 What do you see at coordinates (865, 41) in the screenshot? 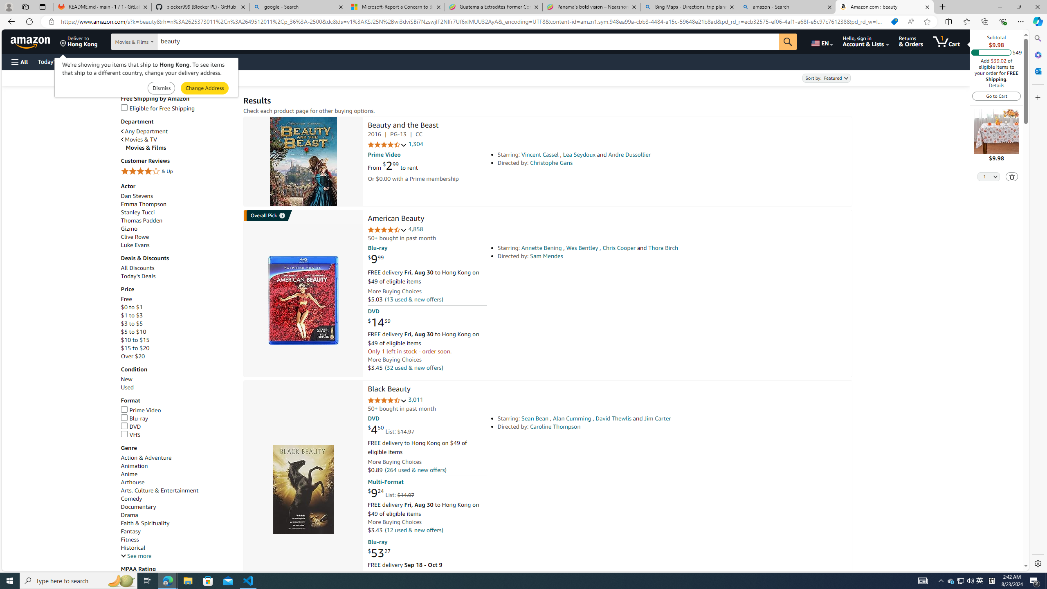
I see `'Hello, sign in Account & Lists'` at bounding box center [865, 41].